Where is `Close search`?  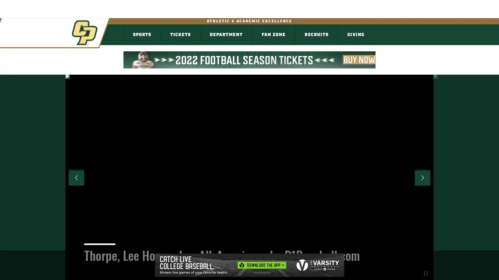 Close search is located at coordinates (486, 12).